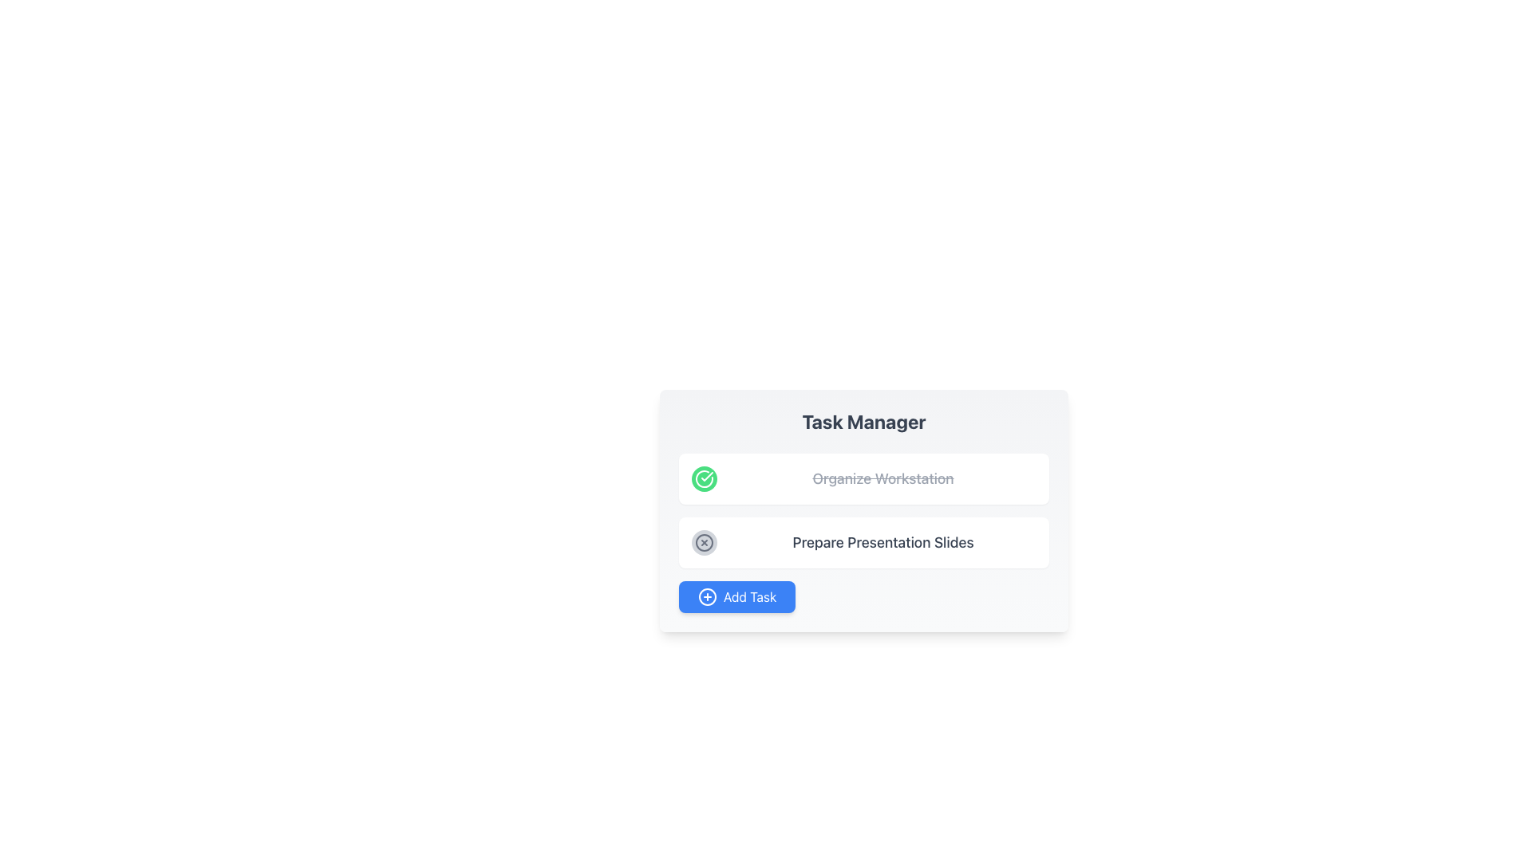 This screenshot has width=1532, height=861. What do you see at coordinates (882, 542) in the screenshot?
I see `the text label that presents the task name 'Prepare Presentation Slides' in a task management interface` at bounding box center [882, 542].